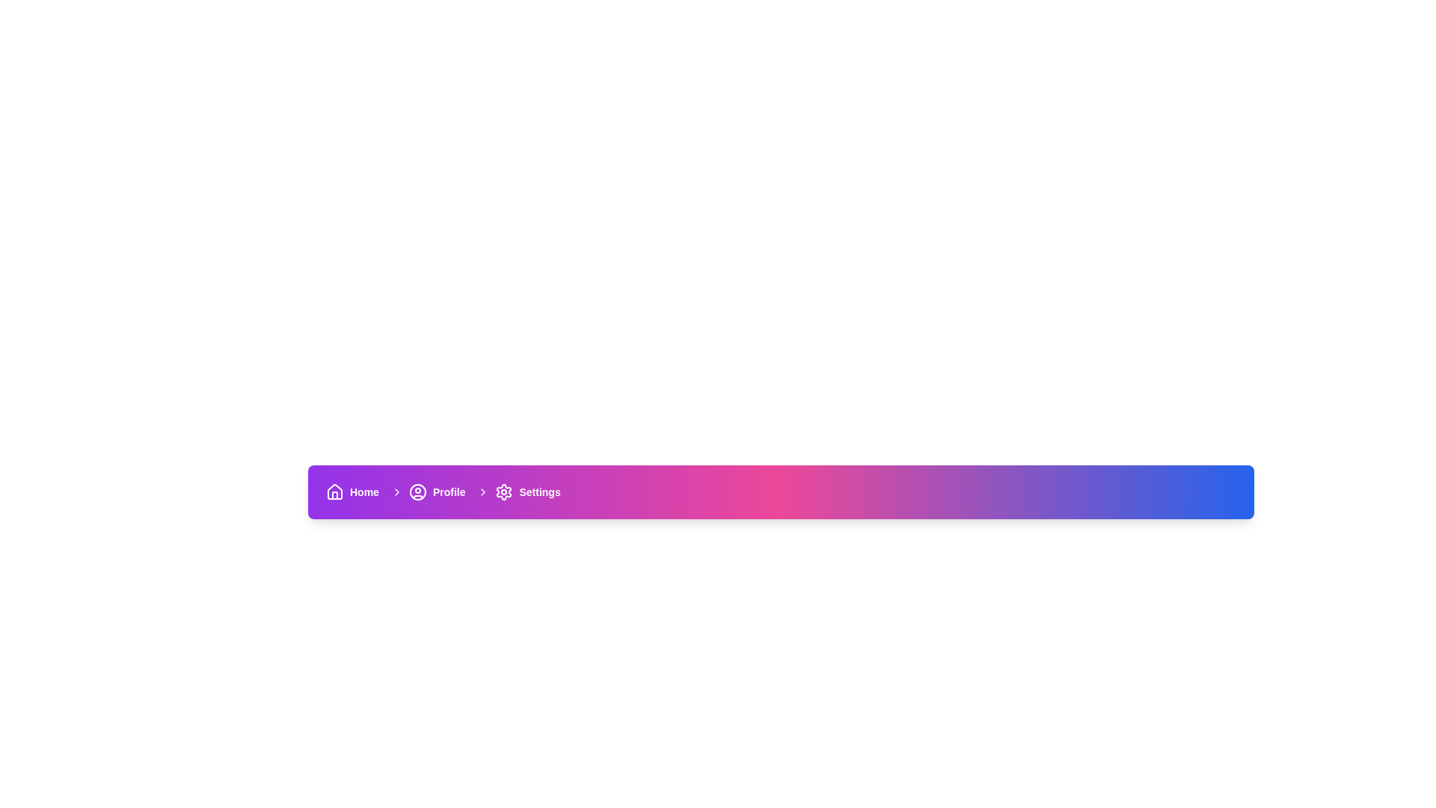  What do you see at coordinates (417, 492) in the screenshot?
I see `the SVG Circle that is part of the 'Profile' icon in the navigation bar at the bottom center of the interface` at bounding box center [417, 492].